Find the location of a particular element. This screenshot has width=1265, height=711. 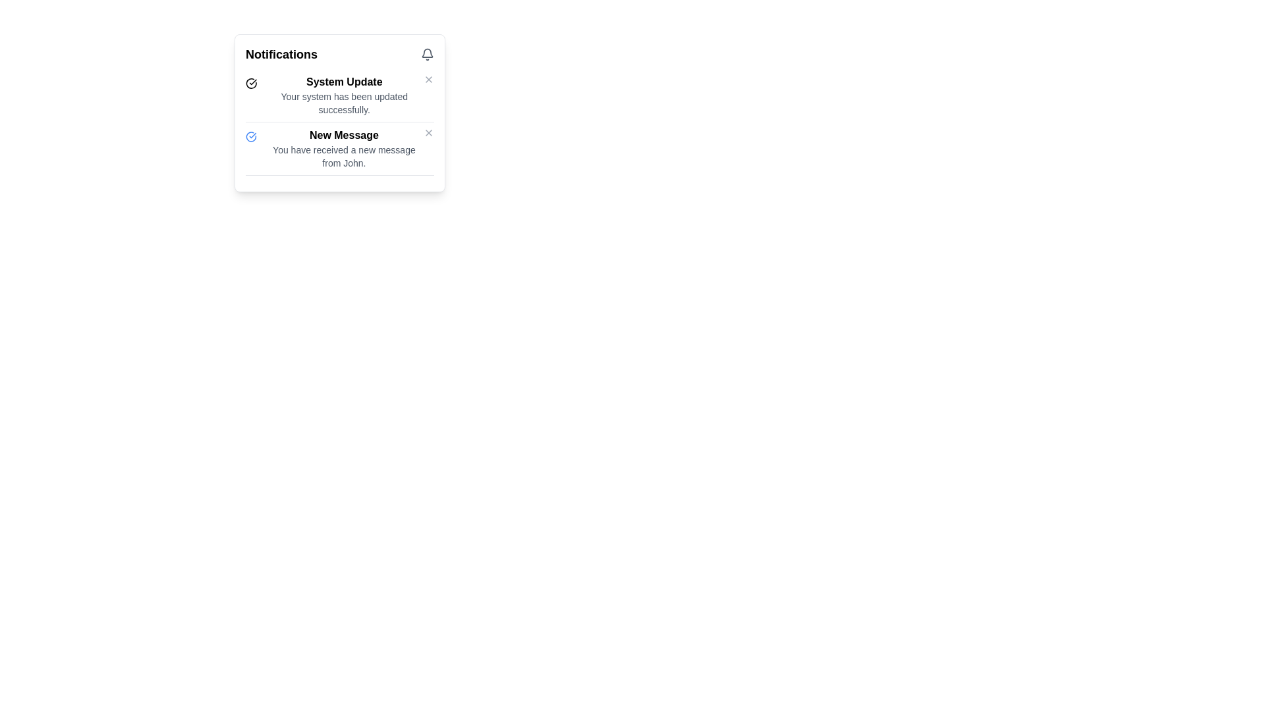

the circular blue icon with a checkmark, which indicates confirmation or success, located to the left of the 'New Message' notification title is located at coordinates (251, 137).